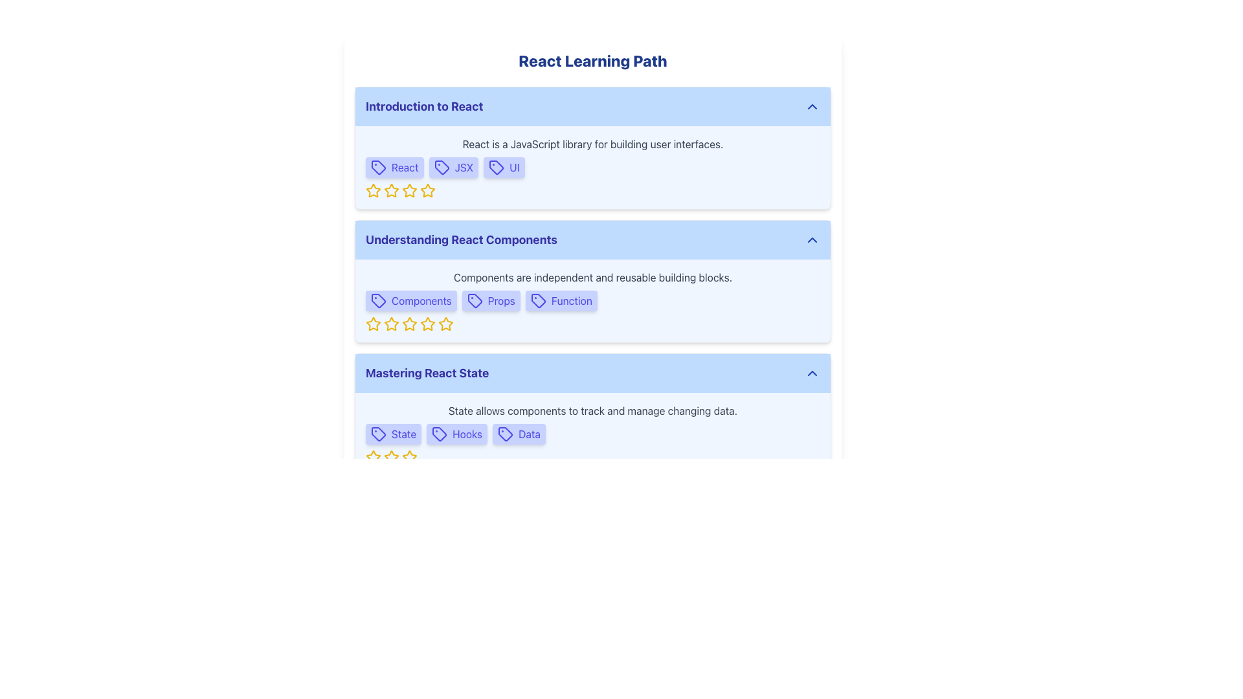 This screenshot has height=699, width=1243. Describe the element at coordinates (811, 239) in the screenshot. I see `the blue upward chevron arrow icon located on the right side of the 'Understanding React Components' section header` at that location.